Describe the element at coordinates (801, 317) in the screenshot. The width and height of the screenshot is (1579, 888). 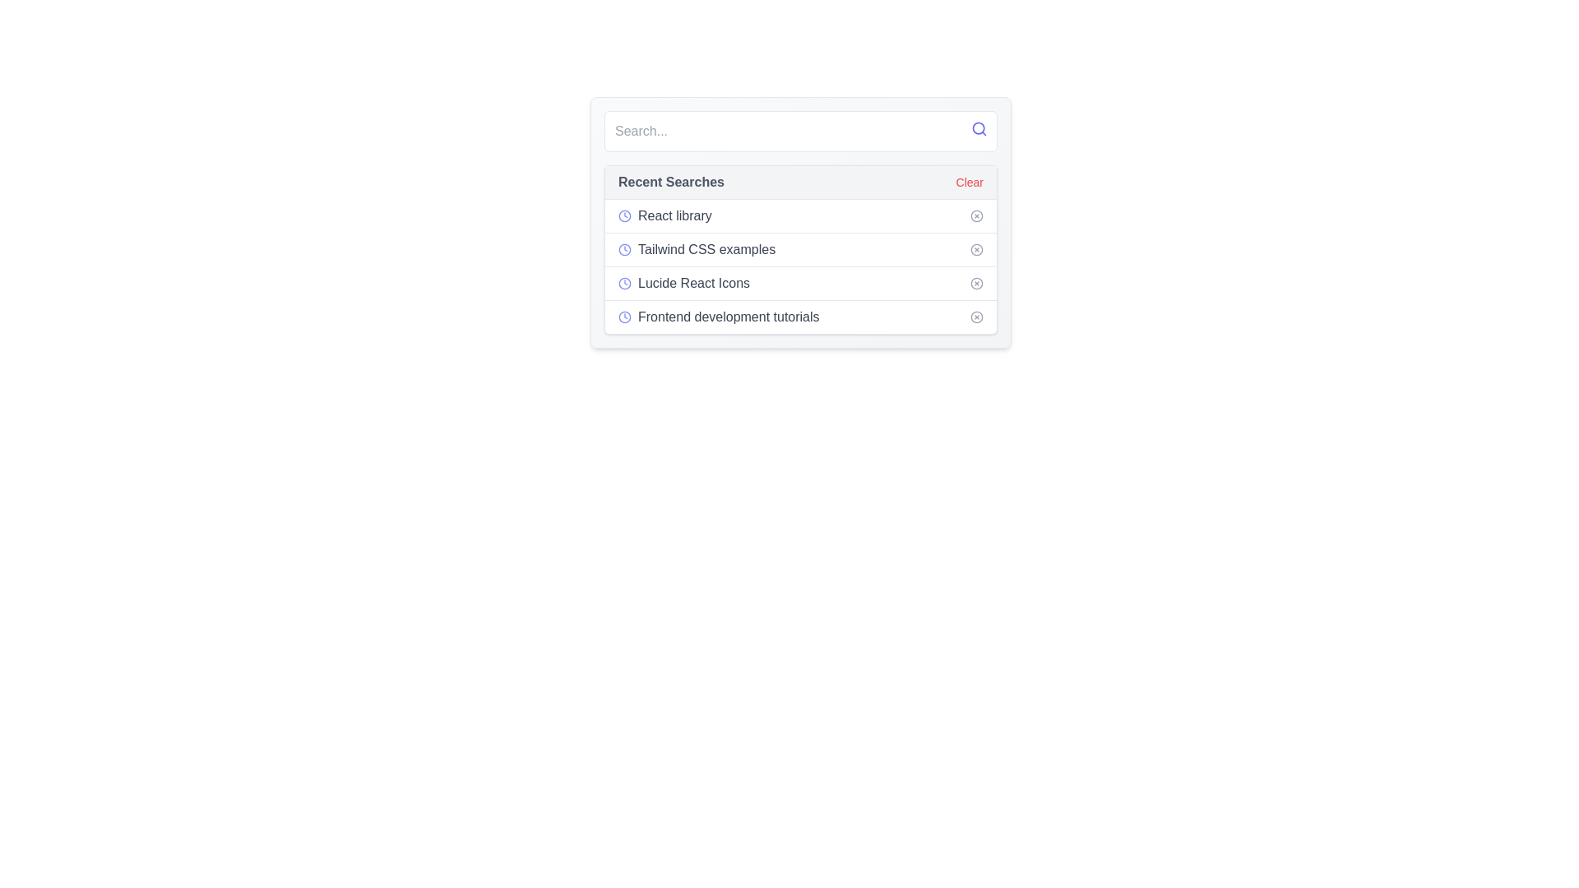
I see `the fourth item` at that location.